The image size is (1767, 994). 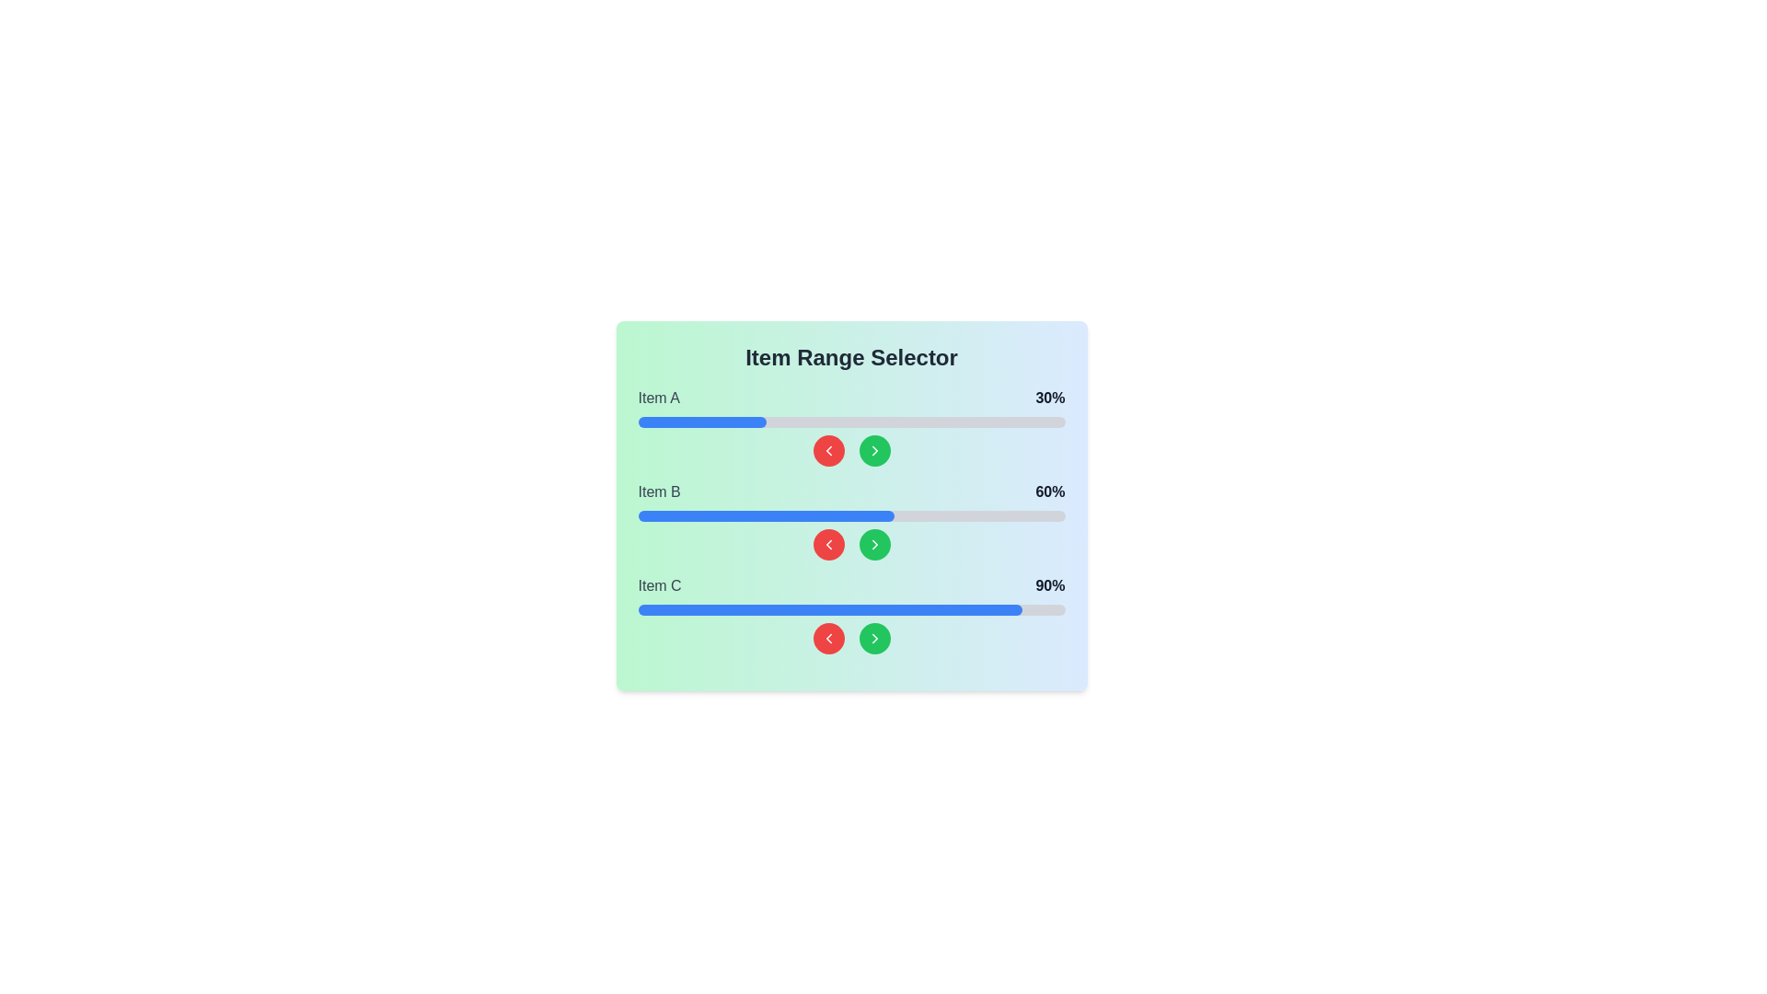 I want to click on the forward navigation button located to the right of the red button in the third row of the 'Item Range Selector' section to increment the value or navigate forward, so click(x=873, y=638).